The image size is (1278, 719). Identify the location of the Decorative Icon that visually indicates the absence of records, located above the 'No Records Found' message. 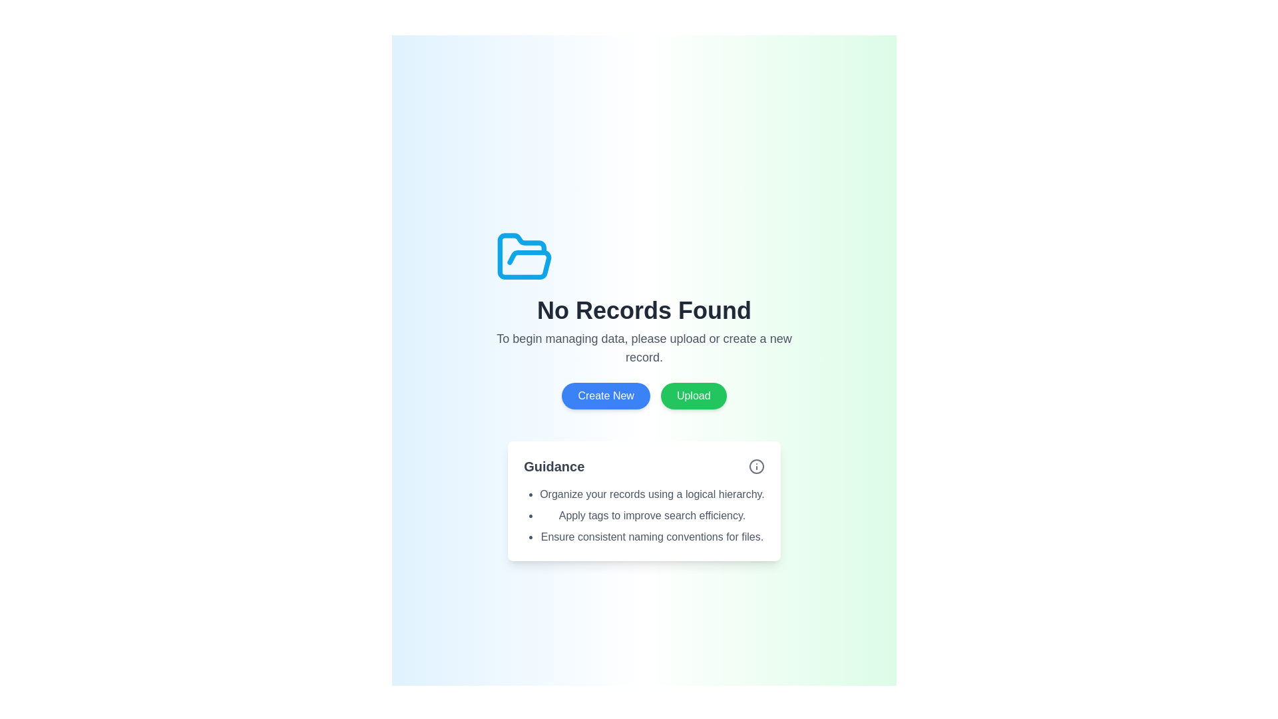
(523, 256).